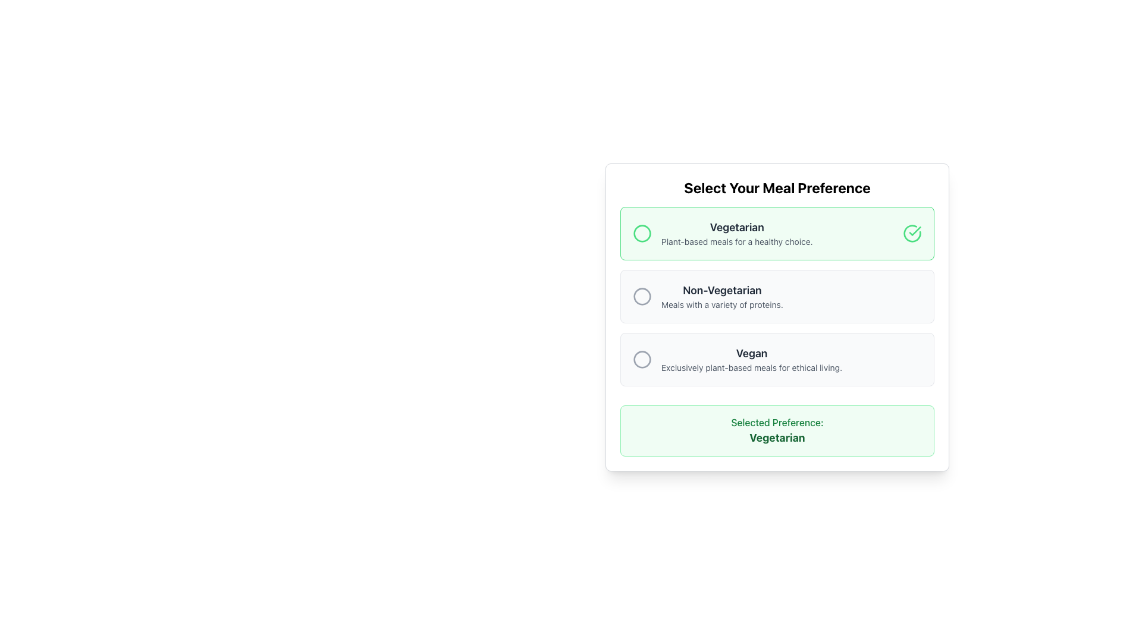  Describe the element at coordinates (642, 359) in the screenshot. I see `the visual indicator for the 'Vegan' option located at the top-left corner of the selection box labeled 'Vegan: Exclusively plant-based meals for ethical living.'` at that location.